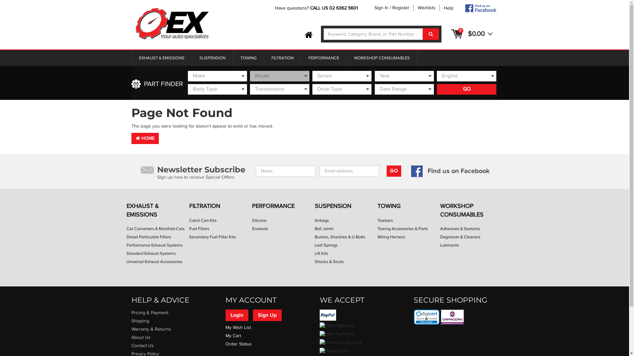 The width and height of the screenshot is (634, 356). What do you see at coordinates (450, 171) in the screenshot?
I see `'Find us on Facebook'` at bounding box center [450, 171].